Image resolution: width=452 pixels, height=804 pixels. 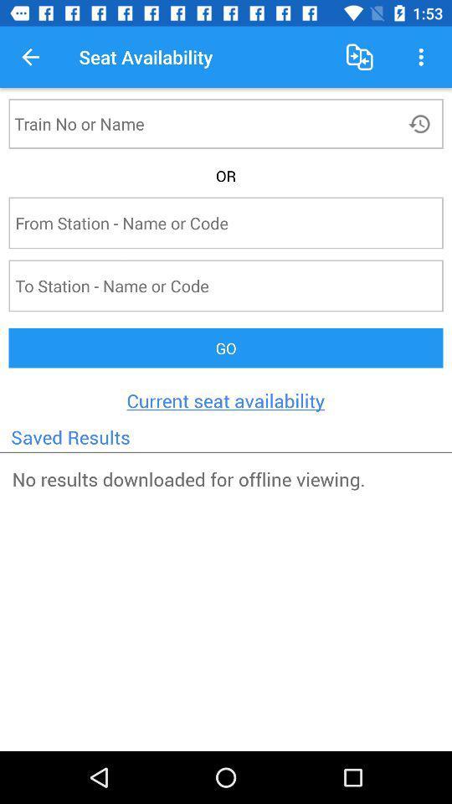 What do you see at coordinates (30, 57) in the screenshot?
I see `icon to the left of the seat availability` at bounding box center [30, 57].